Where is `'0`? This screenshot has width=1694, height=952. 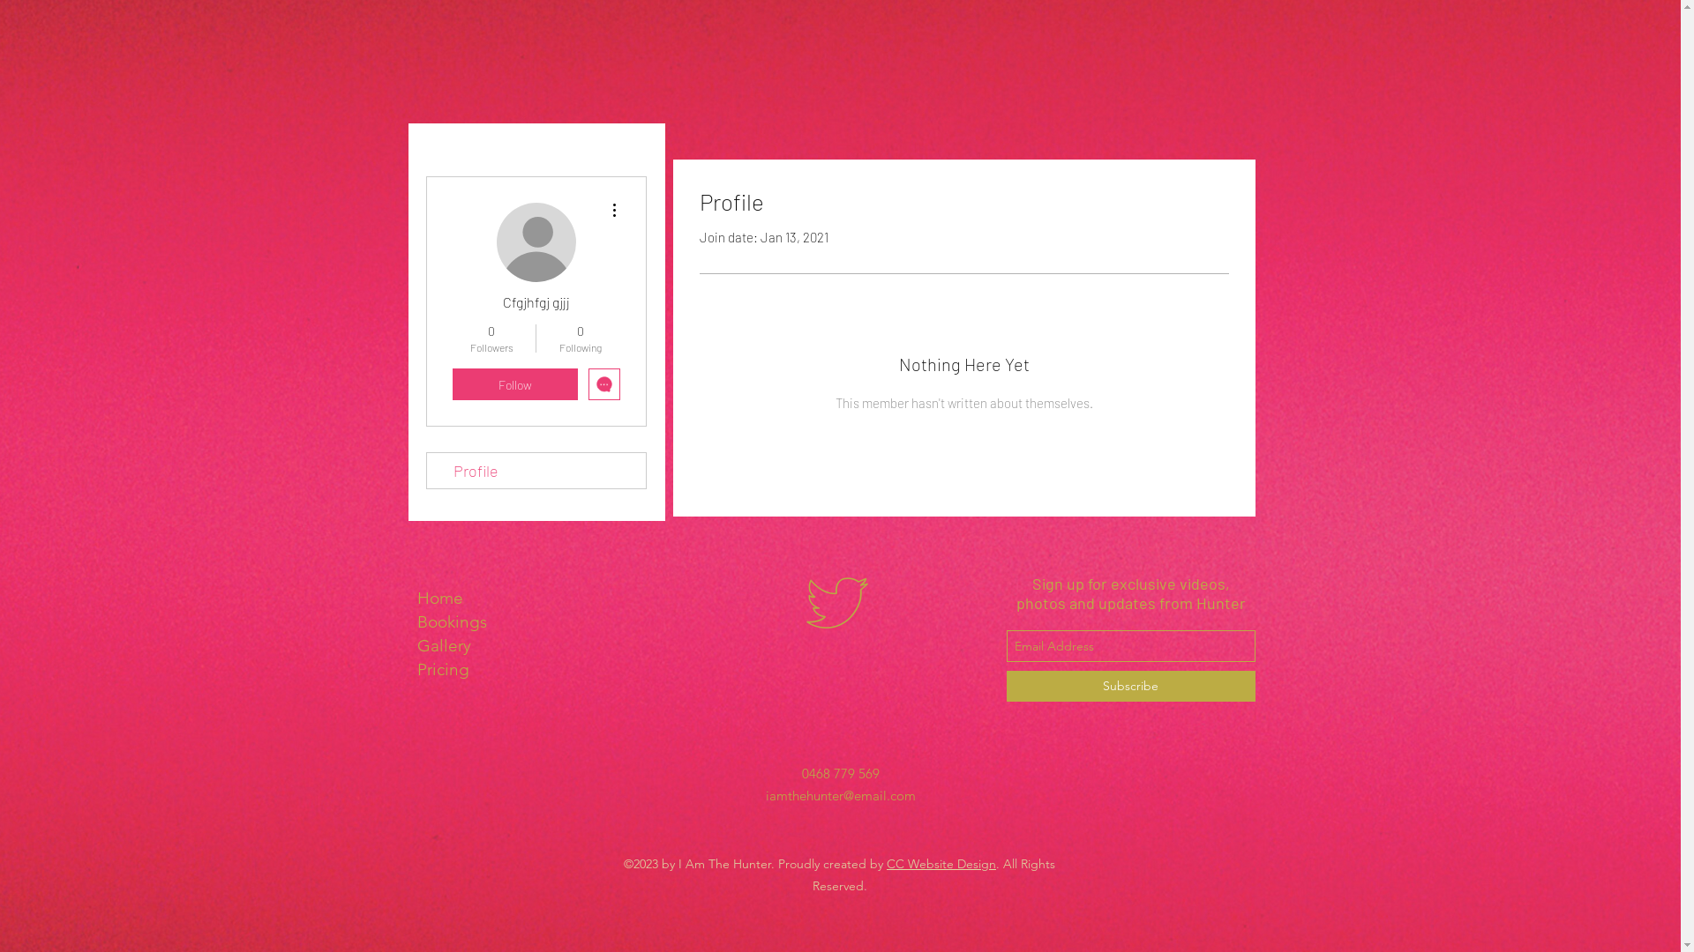 '0 is located at coordinates (581, 338).